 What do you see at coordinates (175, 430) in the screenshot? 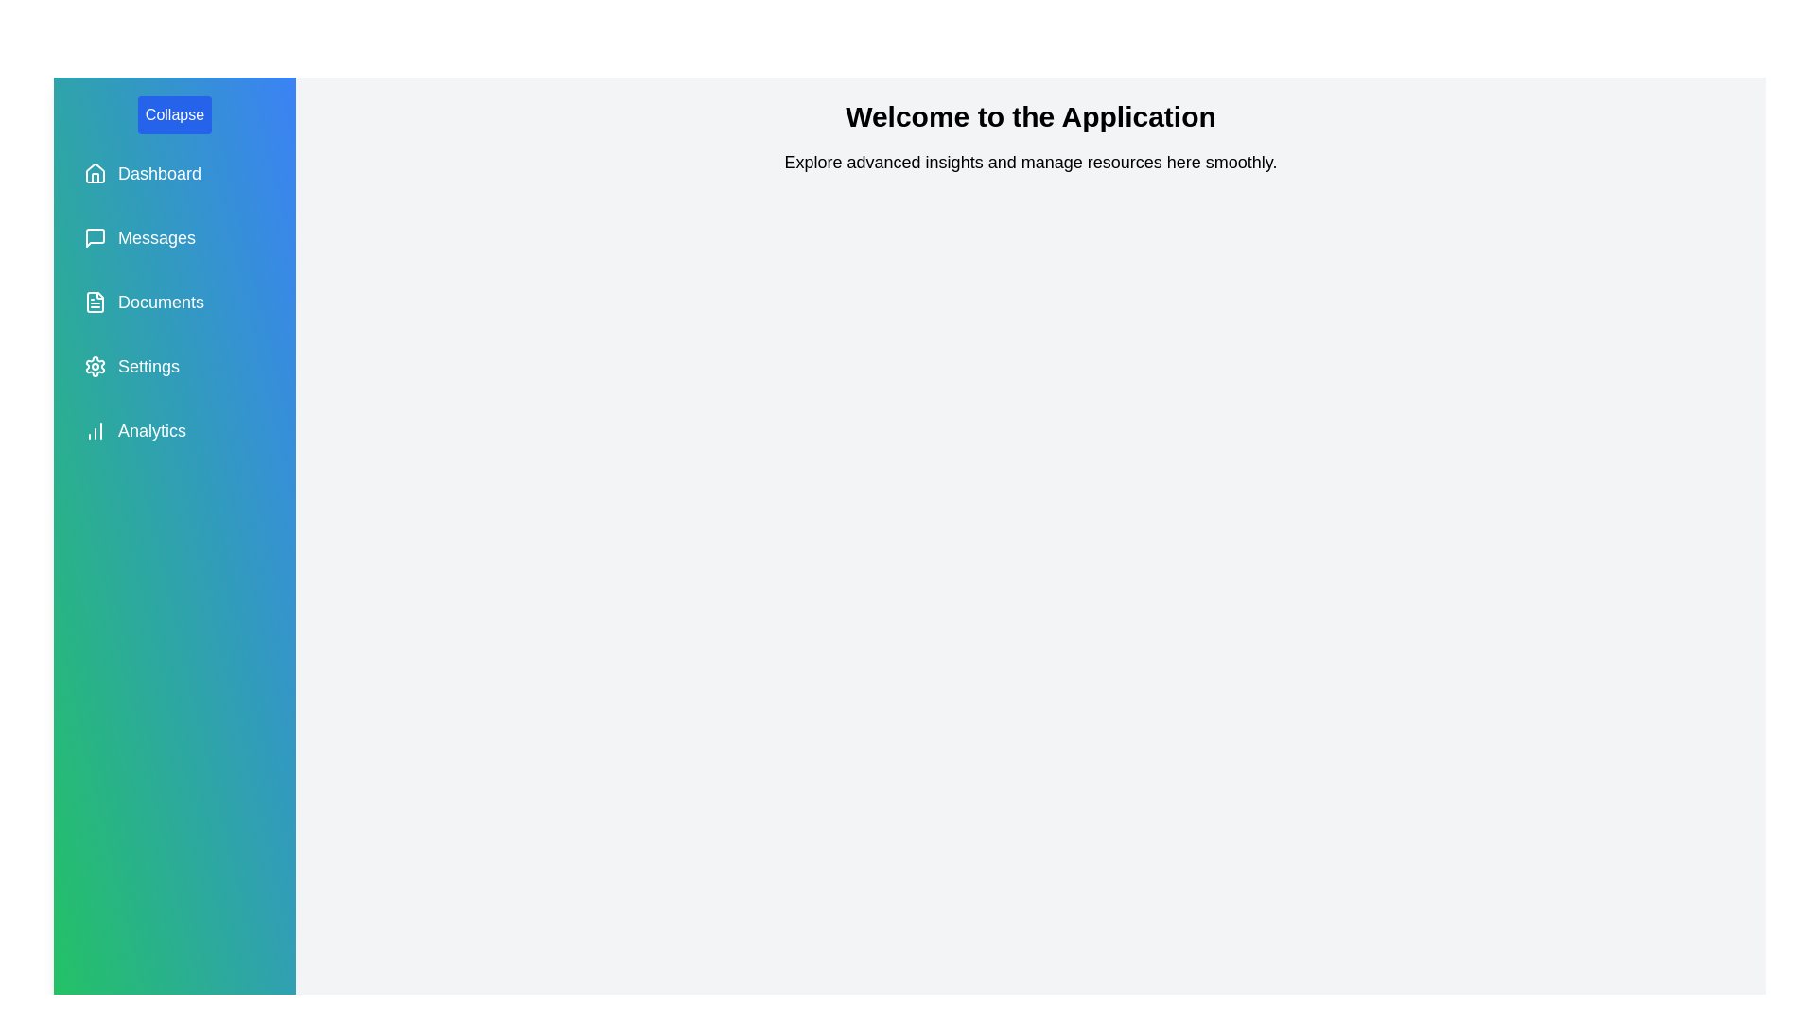
I see `the navigation option Analytics to navigate to the respective section` at bounding box center [175, 430].